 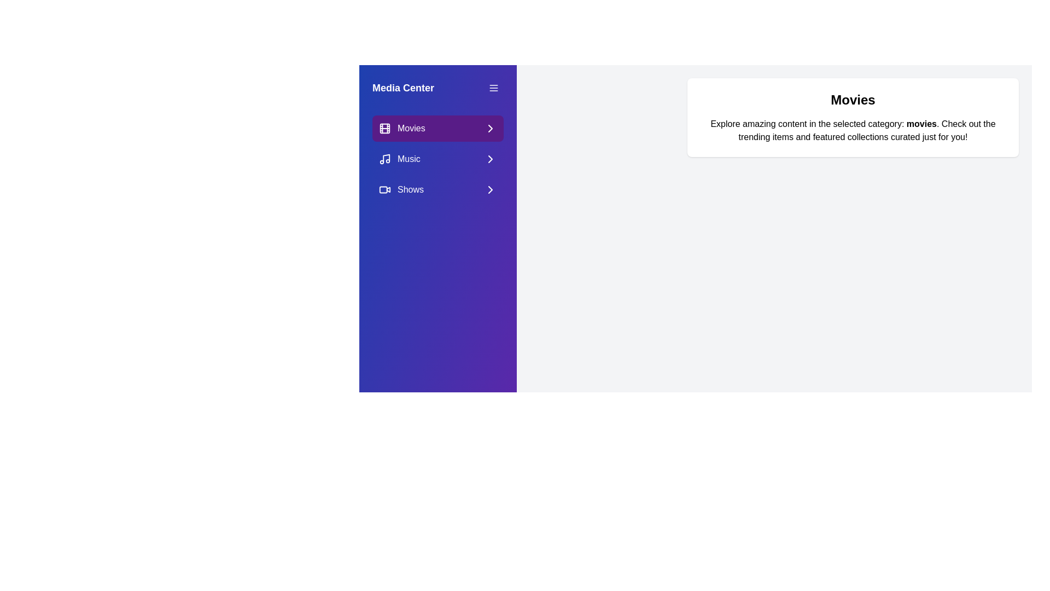 I want to click on the 'Music' text label, which is displayed in white on a blue background and is the second item in the vertical navigation menu, so click(x=408, y=159).